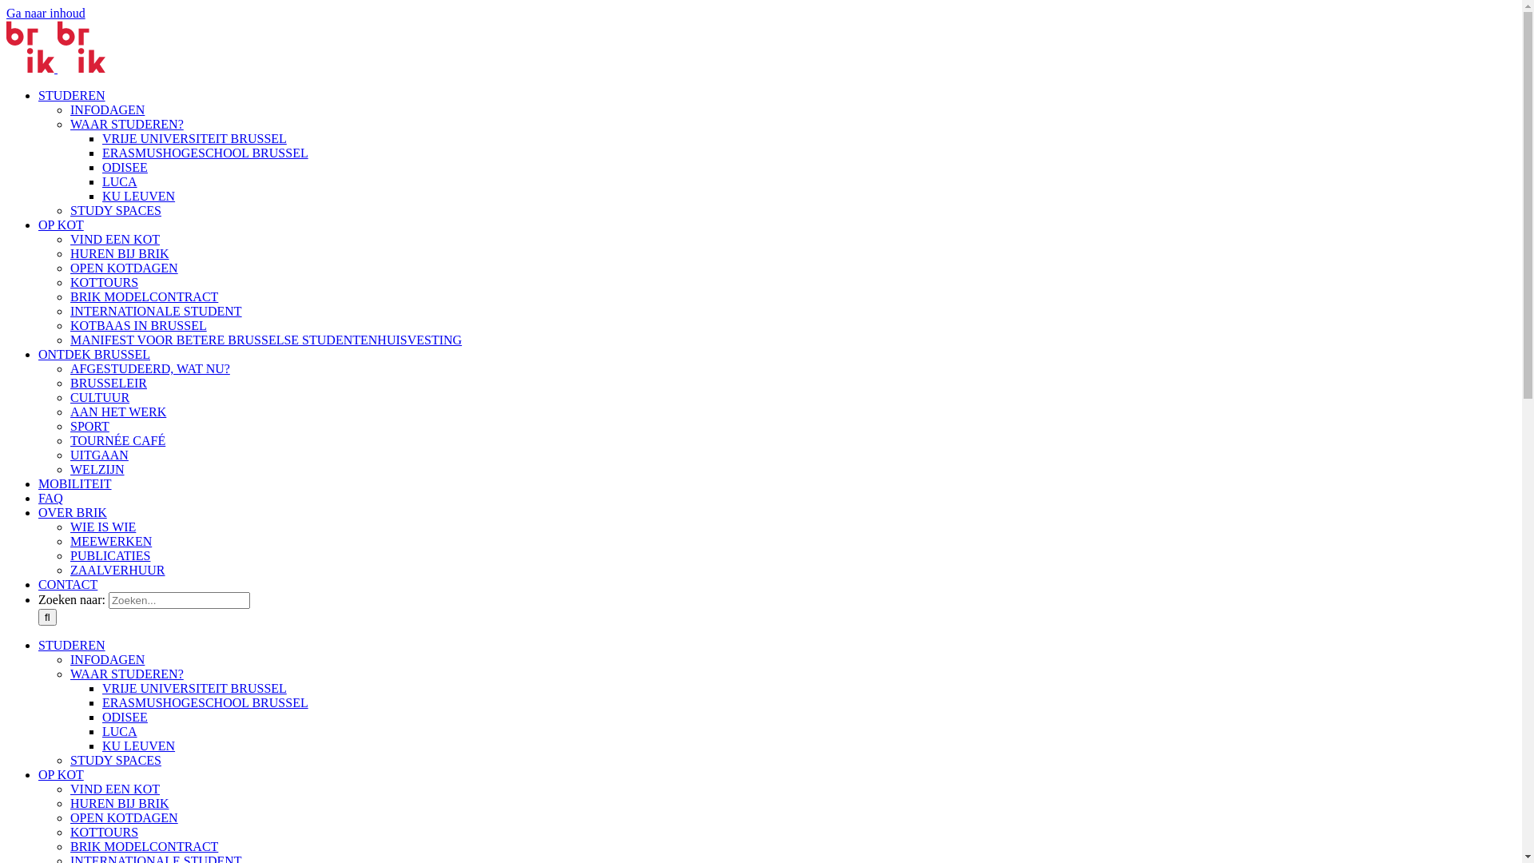 The image size is (1534, 863). I want to click on 'AAN HET WERK', so click(117, 411).